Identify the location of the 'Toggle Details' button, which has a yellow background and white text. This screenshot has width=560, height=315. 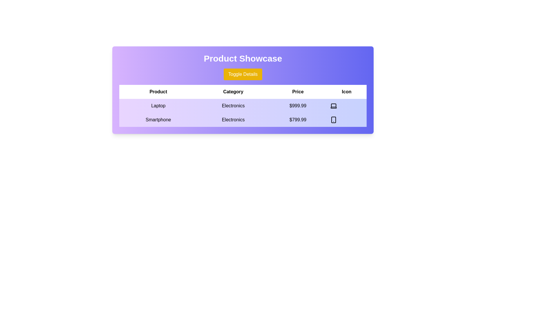
(243, 74).